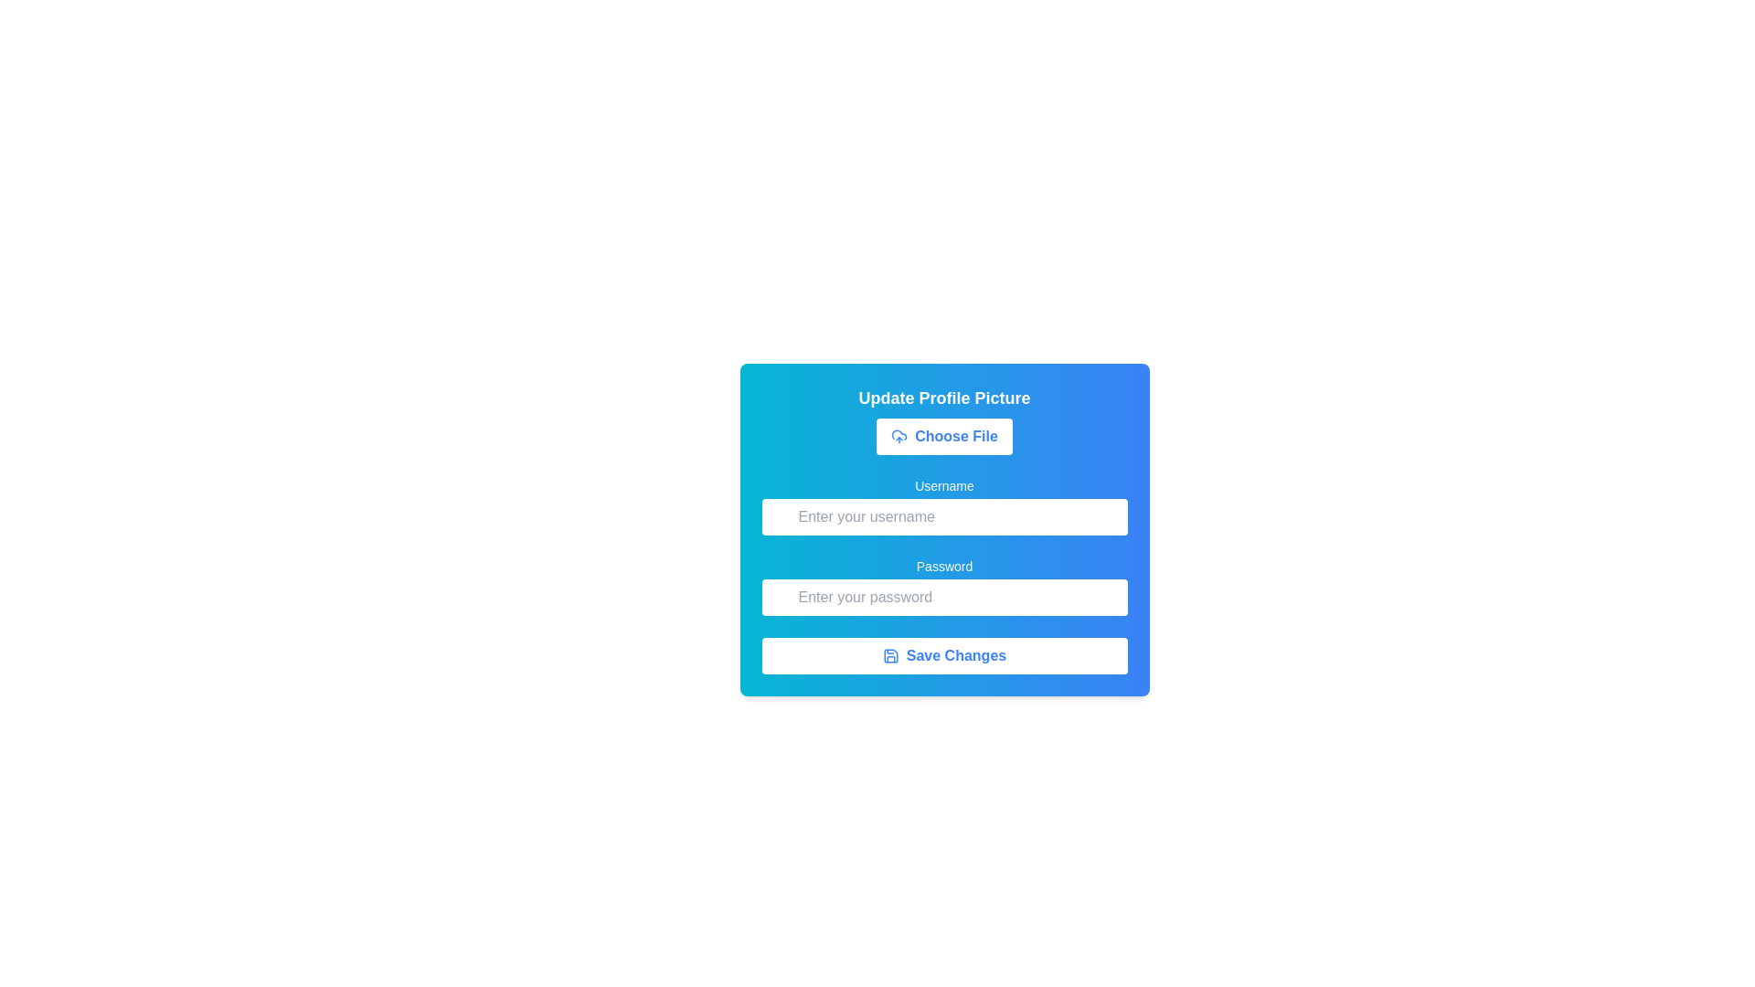 The image size is (1755, 987). I want to click on the Password input field, which is labeled 'Password' and includes a lock icon to the left, in order to focus on it for input, so click(944, 586).